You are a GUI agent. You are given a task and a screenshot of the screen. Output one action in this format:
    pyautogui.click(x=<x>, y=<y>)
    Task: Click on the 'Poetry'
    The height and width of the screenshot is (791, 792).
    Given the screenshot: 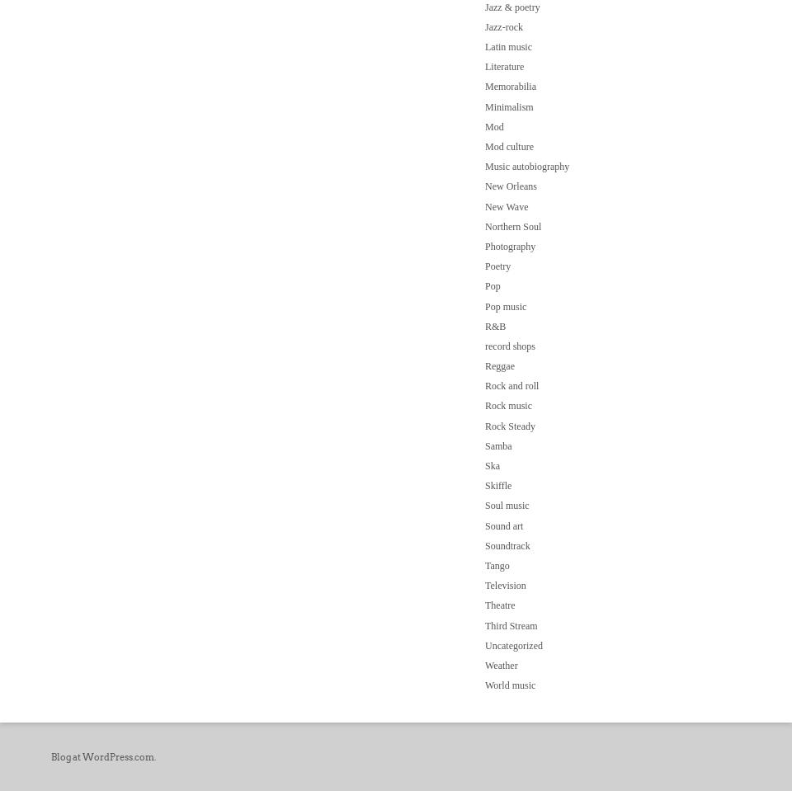 What is the action you would take?
    pyautogui.click(x=497, y=265)
    